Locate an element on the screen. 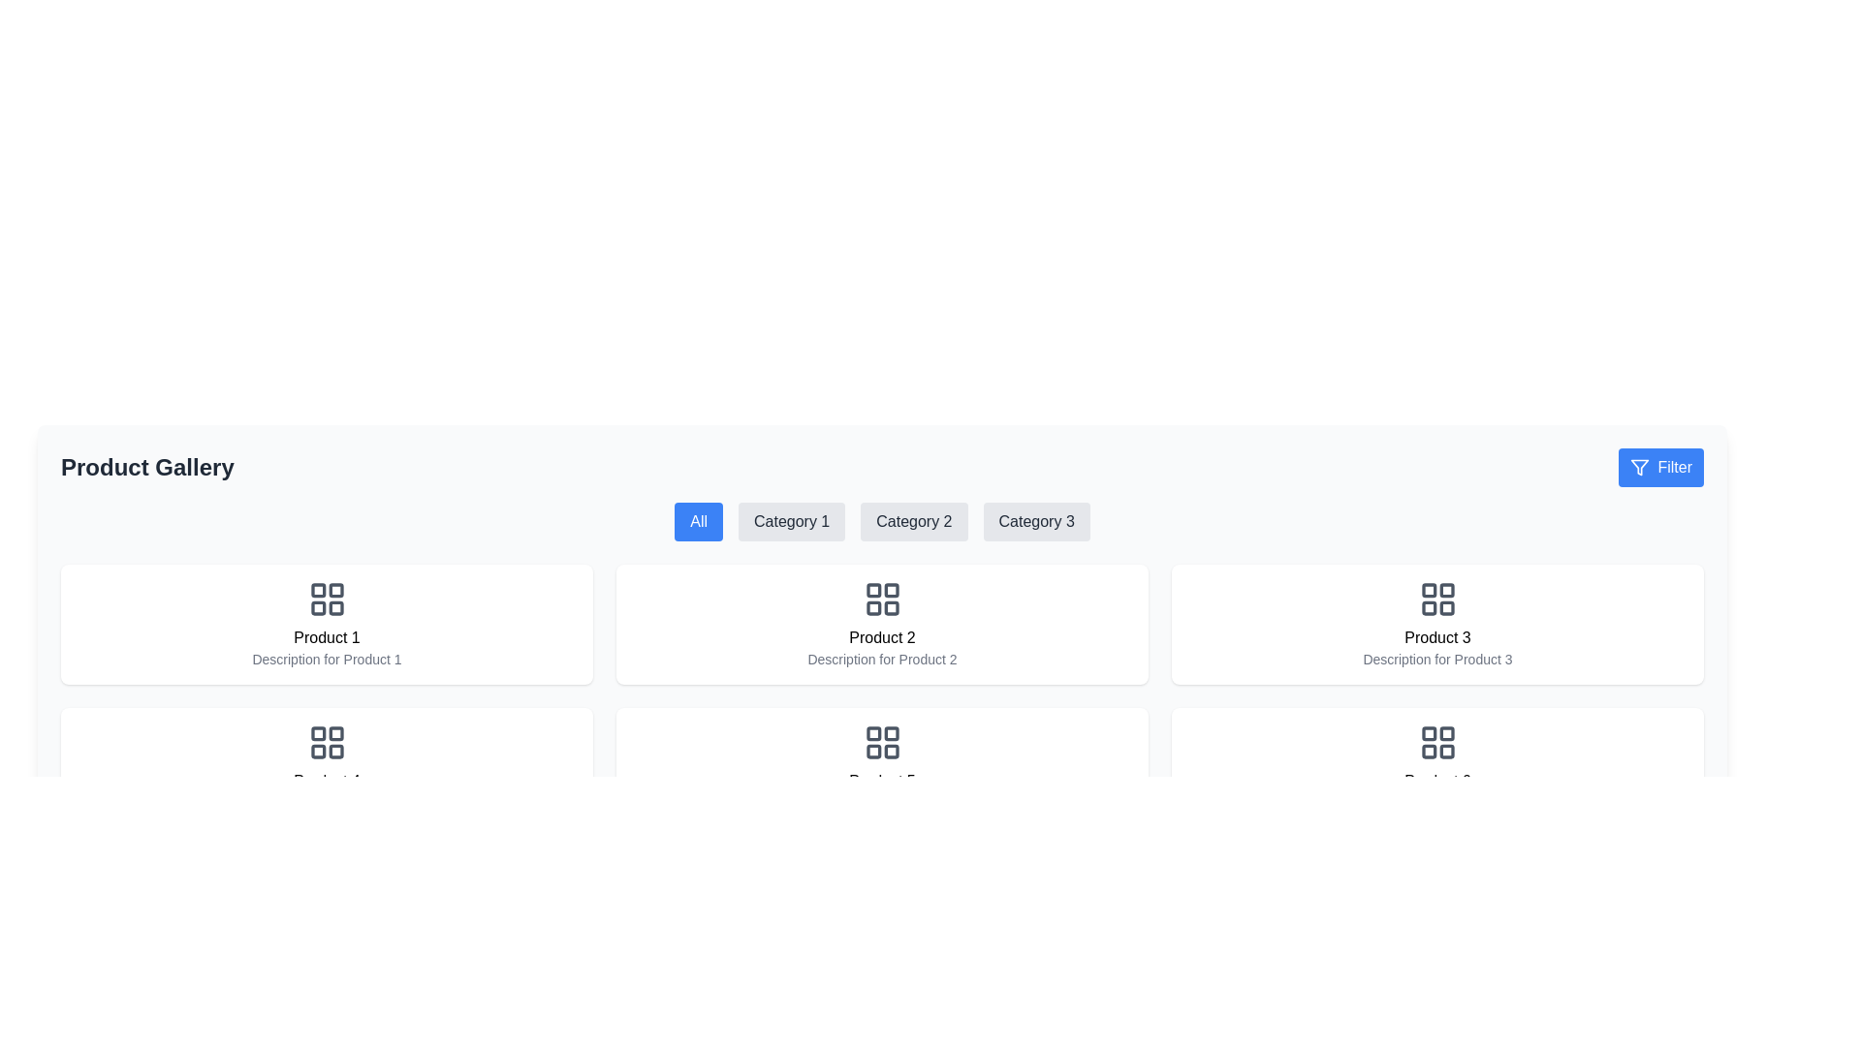 Image resolution: width=1861 pixels, height=1046 pixels. the Text Label providing additional information for 'Product 1', which is positioned beneath the product name is located at coordinates (327, 659).